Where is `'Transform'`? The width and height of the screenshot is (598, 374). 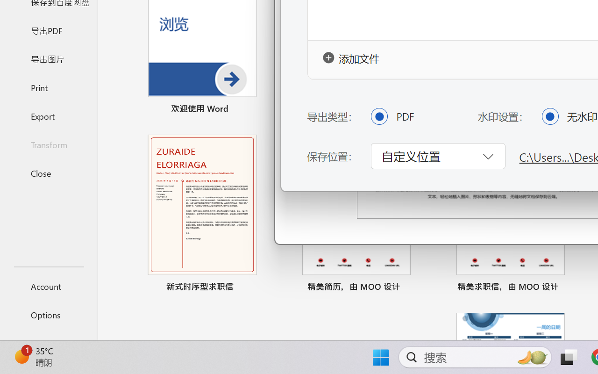 'Transform' is located at coordinates (48, 144).